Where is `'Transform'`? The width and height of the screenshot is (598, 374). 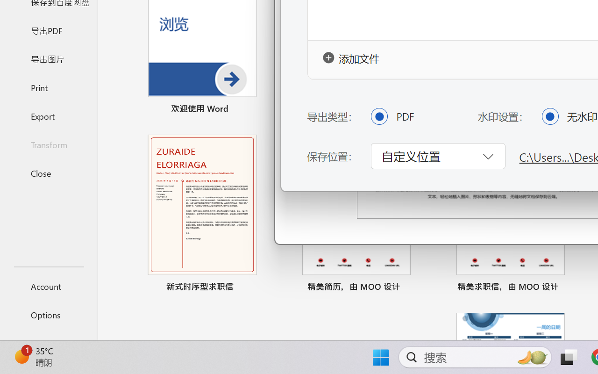 'Transform' is located at coordinates (48, 144).